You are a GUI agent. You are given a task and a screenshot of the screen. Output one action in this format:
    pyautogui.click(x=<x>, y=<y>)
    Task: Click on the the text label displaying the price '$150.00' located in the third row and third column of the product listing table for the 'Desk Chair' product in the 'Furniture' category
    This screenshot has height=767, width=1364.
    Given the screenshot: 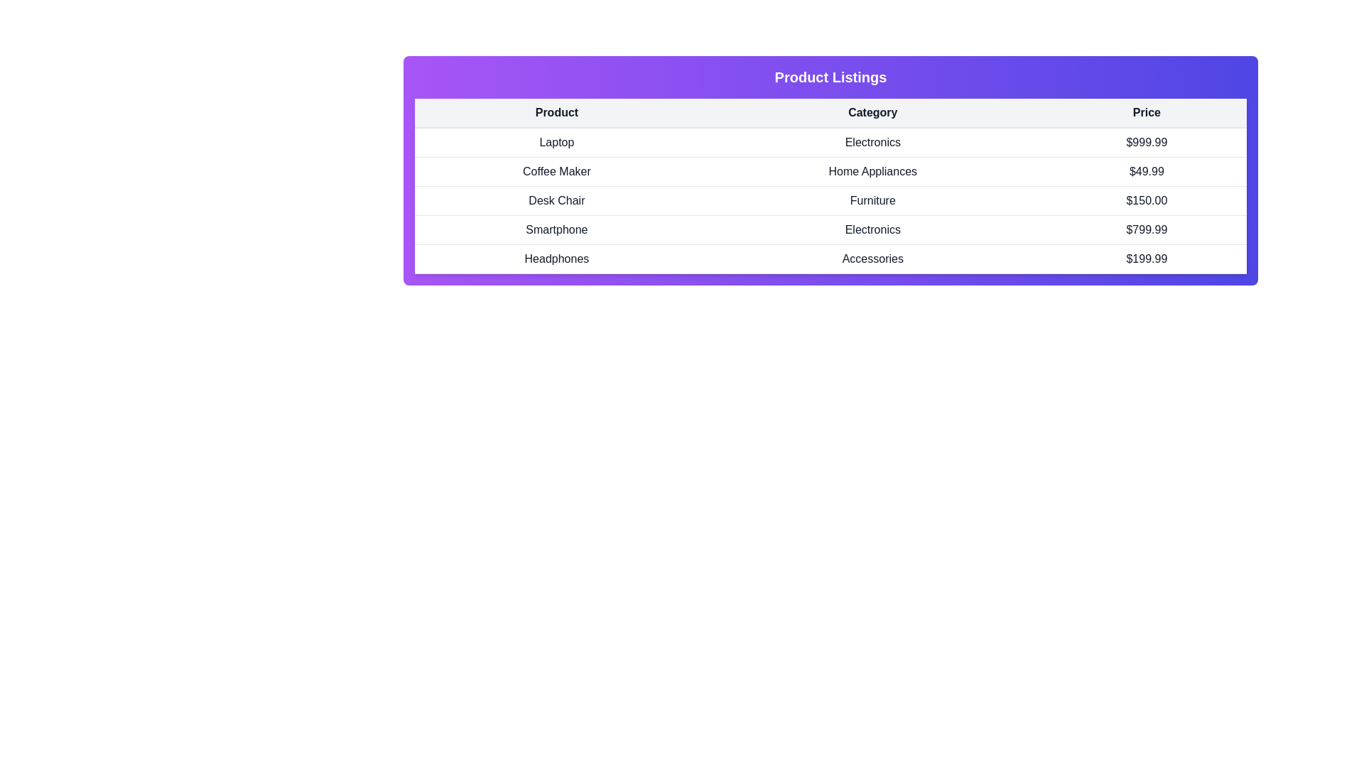 What is the action you would take?
    pyautogui.click(x=1147, y=200)
    